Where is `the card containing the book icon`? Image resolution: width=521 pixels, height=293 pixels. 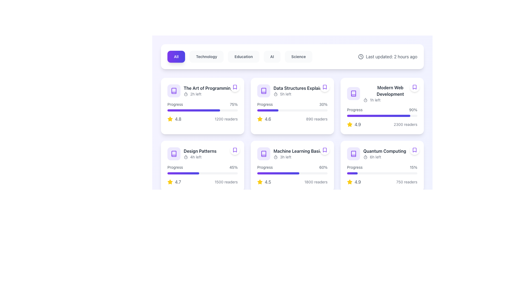
the card containing the book icon is located at coordinates (353, 93).